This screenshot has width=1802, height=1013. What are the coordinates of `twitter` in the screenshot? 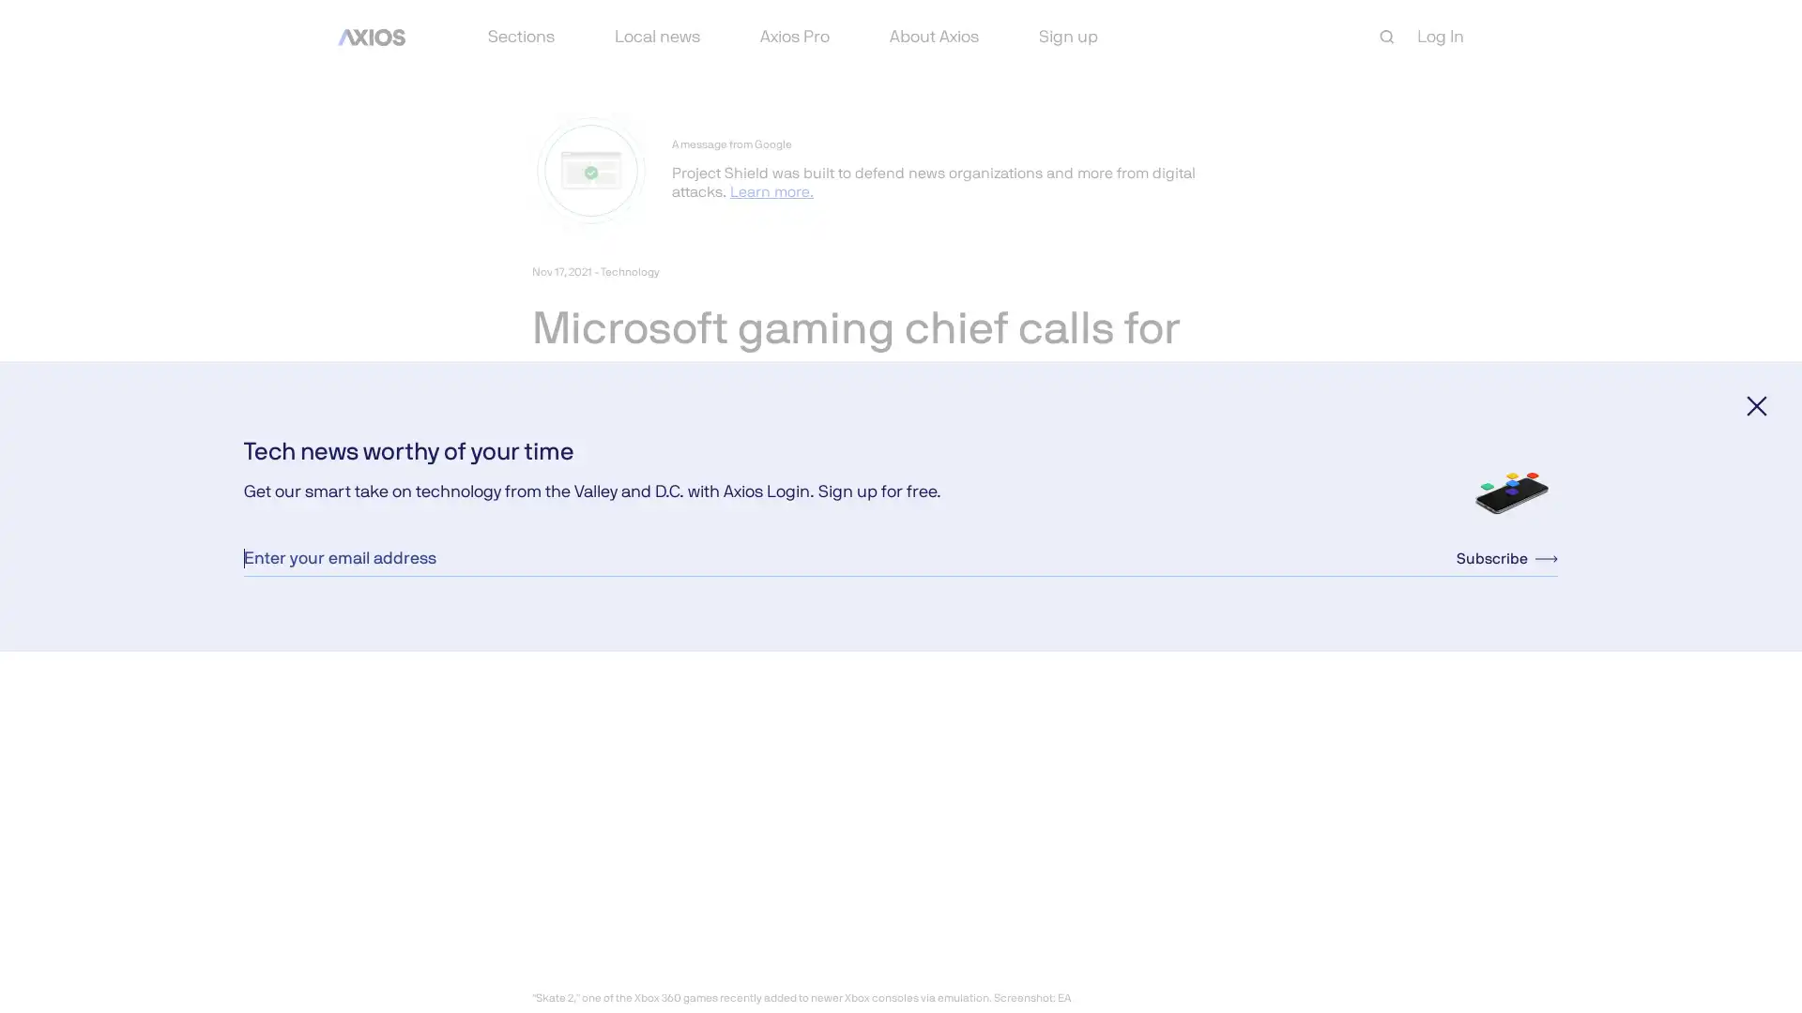 It's located at (589, 509).